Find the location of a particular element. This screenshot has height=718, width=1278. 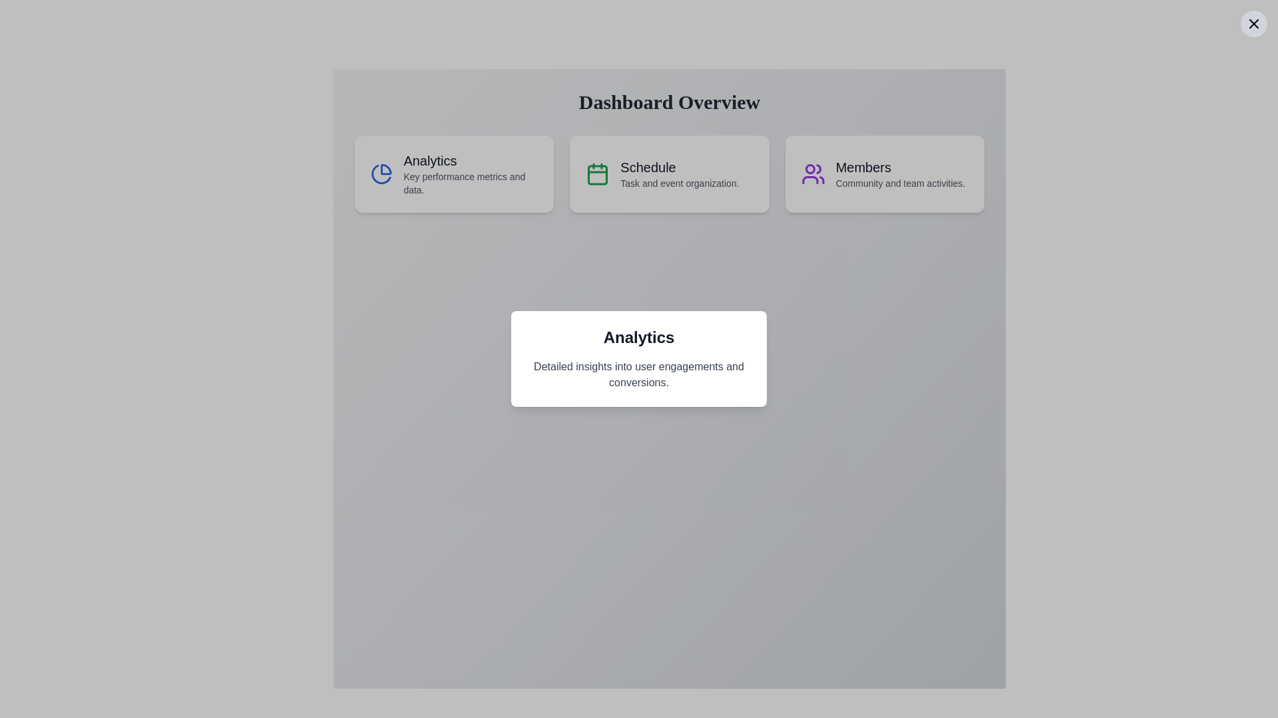

the navigational button located as the third item in the top row of the grid layout, positioned to the right of the 'Analytics' and 'Schedule' tiles is located at coordinates (885, 174).